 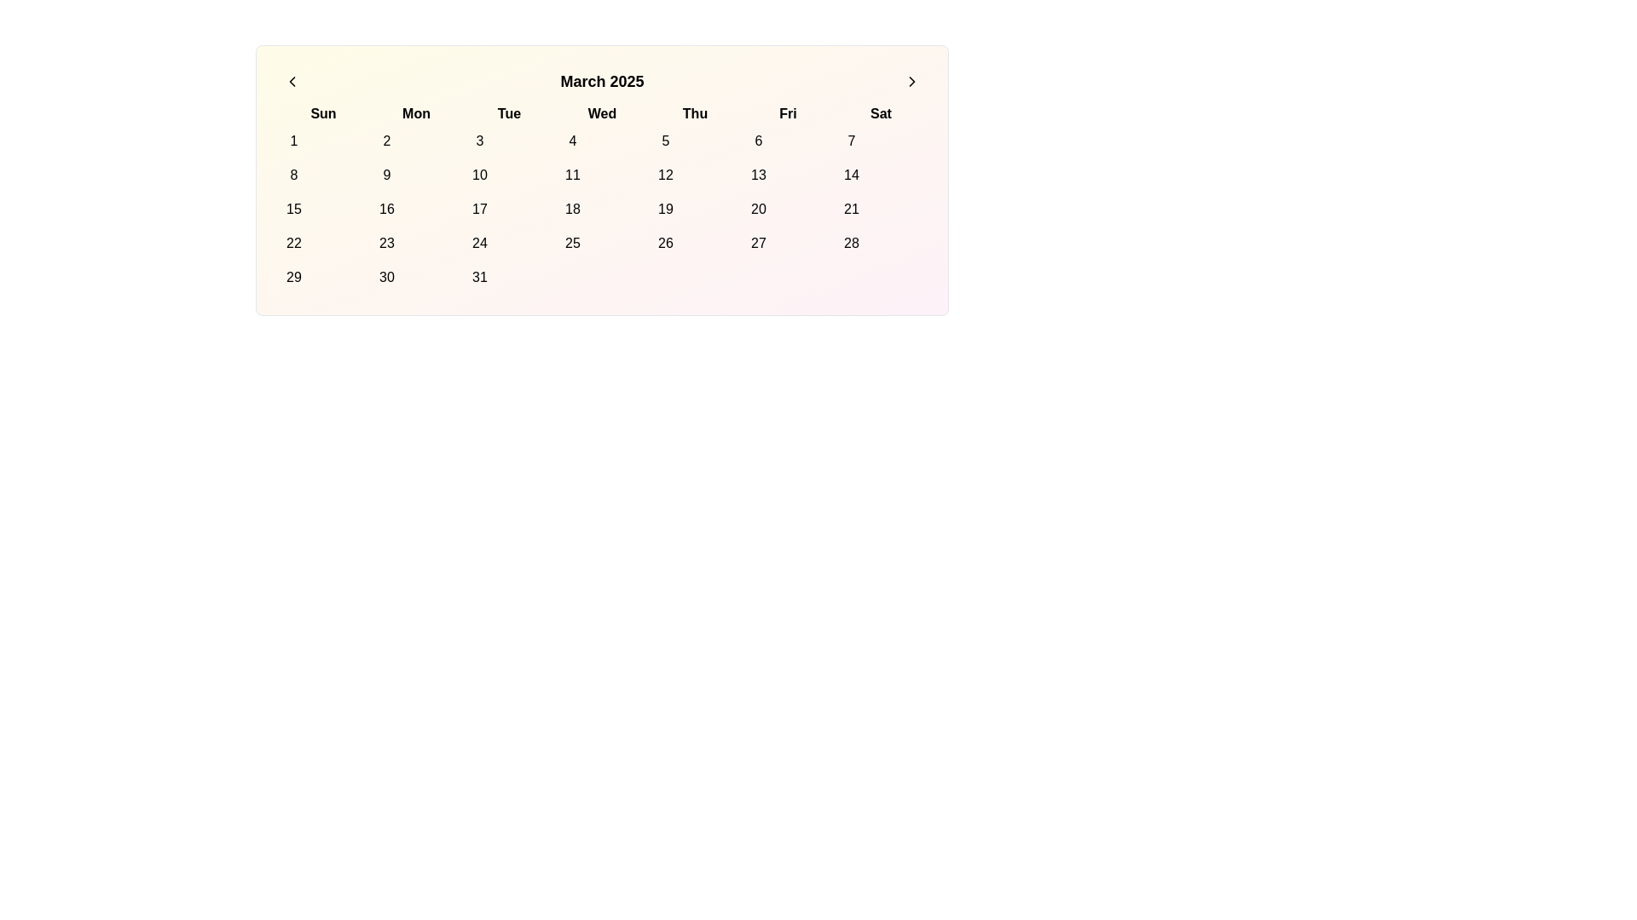 What do you see at coordinates (851, 209) in the screenshot?
I see `the circular button with a white background and the number '21' in black, located in the sixth column of the fourth row of the calendar grid, under the 'Sat' column header` at bounding box center [851, 209].